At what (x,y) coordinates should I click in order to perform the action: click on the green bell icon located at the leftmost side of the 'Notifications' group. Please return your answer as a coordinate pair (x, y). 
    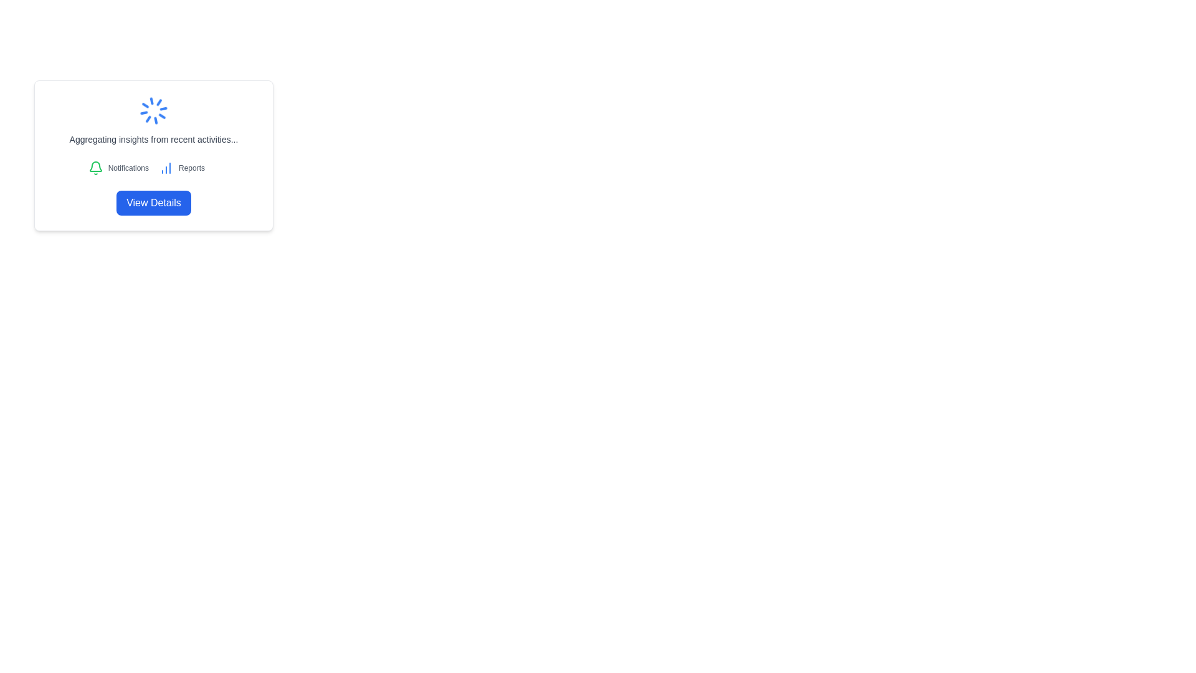
    Looking at the image, I should click on (95, 168).